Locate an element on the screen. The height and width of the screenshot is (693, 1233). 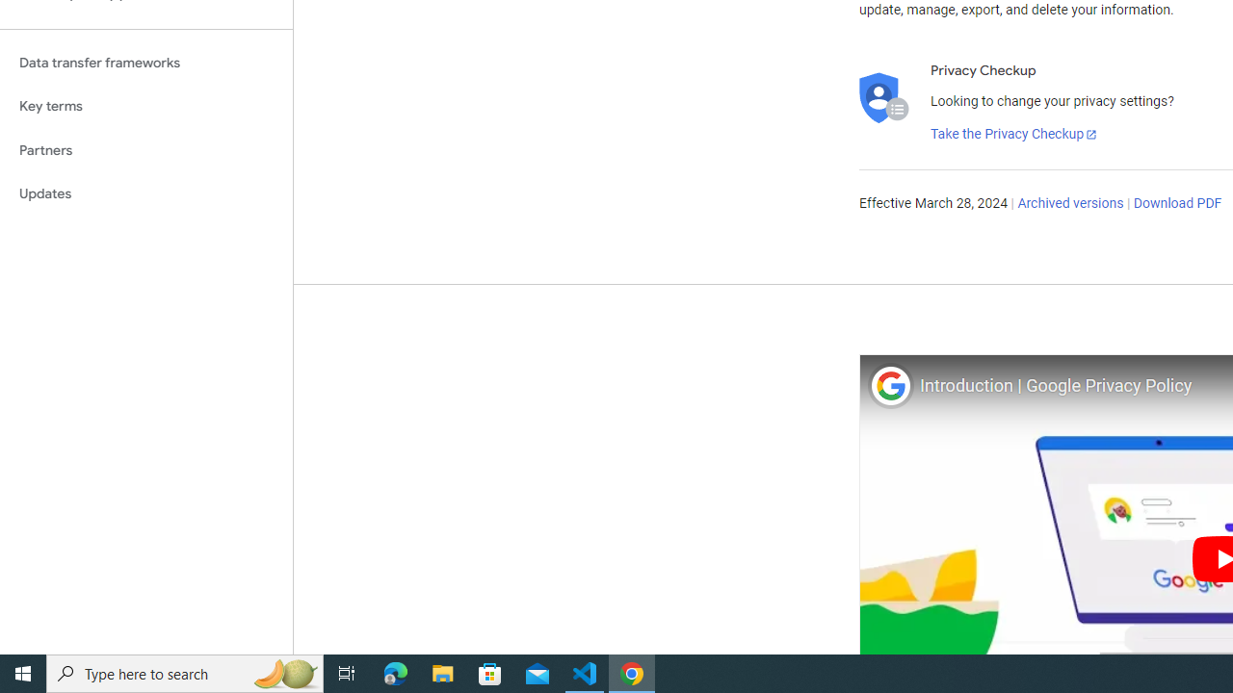
'Data transfer frameworks' is located at coordinates (145, 62).